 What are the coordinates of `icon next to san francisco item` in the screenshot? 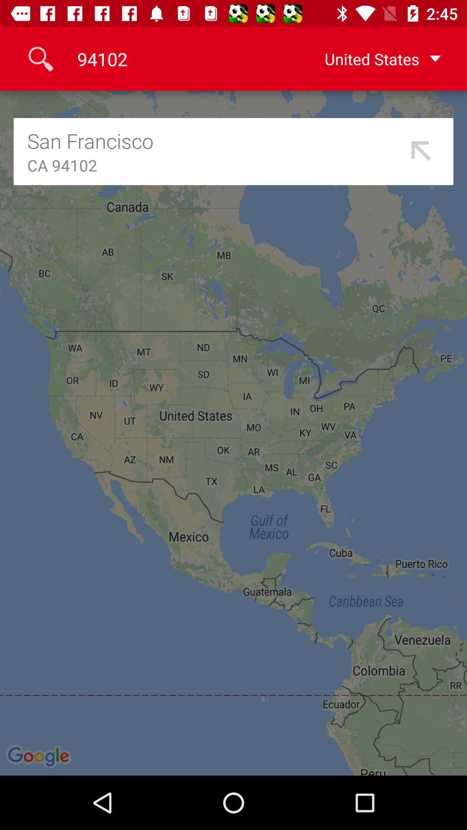 It's located at (421, 151).